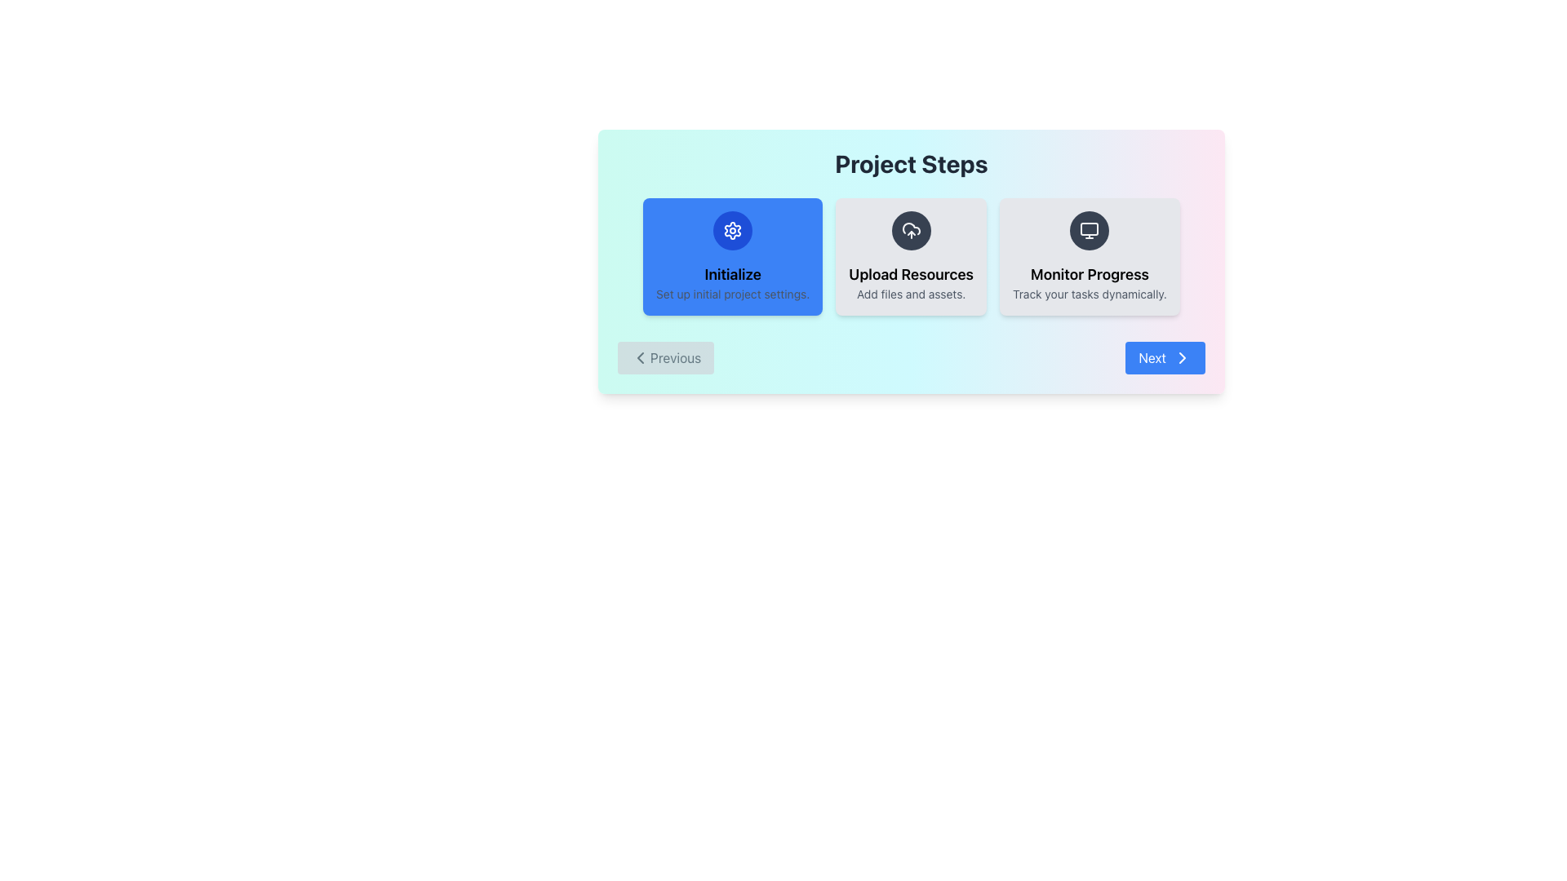 The image size is (1567, 881). What do you see at coordinates (732, 282) in the screenshot?
I see `the first text block in the 'Project Steps' section` at bounding box center [732, 282].